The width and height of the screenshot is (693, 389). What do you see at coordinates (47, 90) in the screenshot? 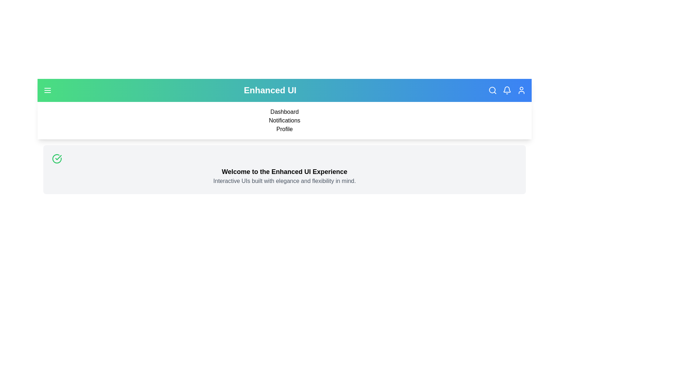
I see `the menu button to toggle the menu visibility` at bounding box center [47, 90].